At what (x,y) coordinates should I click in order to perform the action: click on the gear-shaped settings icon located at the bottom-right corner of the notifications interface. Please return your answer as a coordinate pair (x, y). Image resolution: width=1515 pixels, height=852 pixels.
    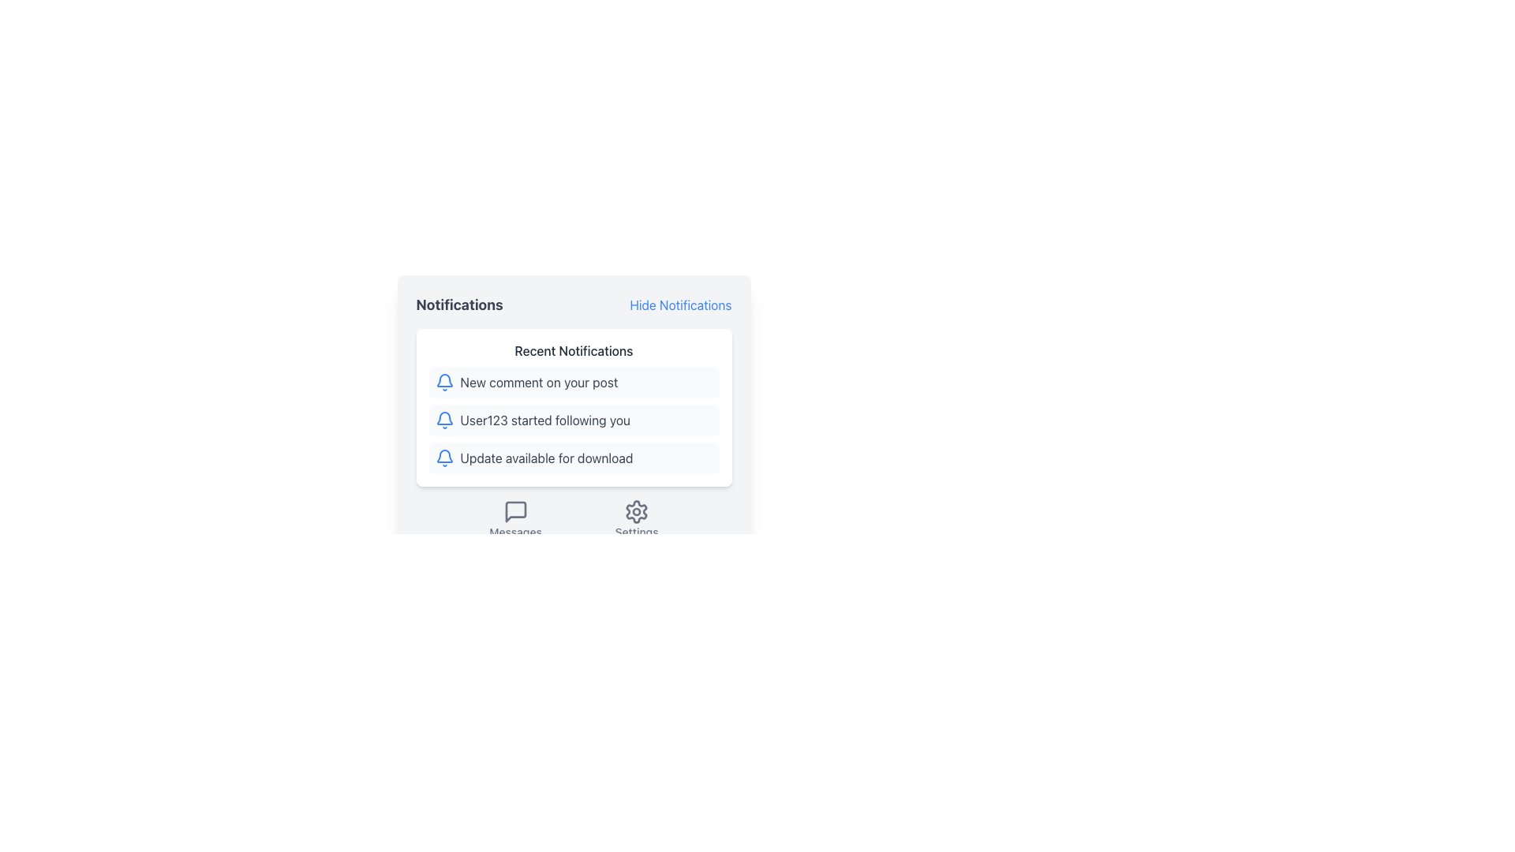
    Looking at the image, I should click on (637, 511).